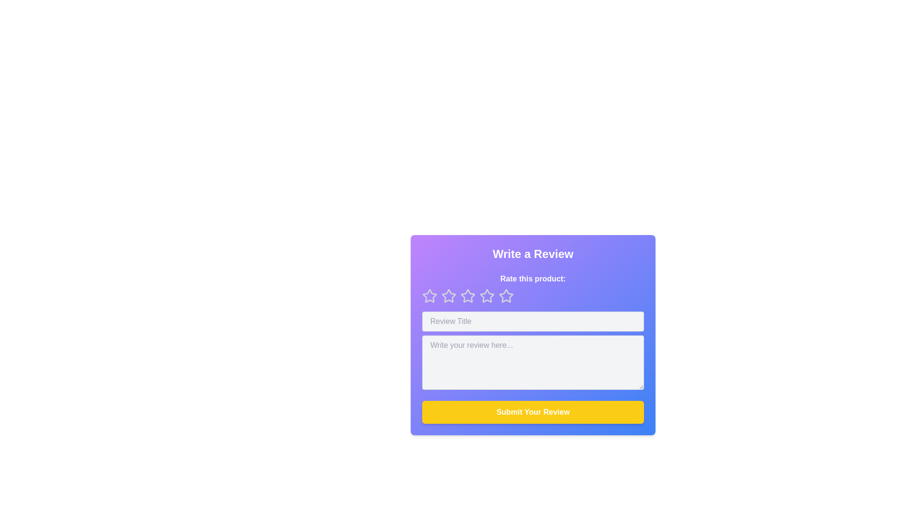 This screenshot has height=516, width=918. I want to click on the third star icon in the horizontal rating system to rate it, so click(468, 296).